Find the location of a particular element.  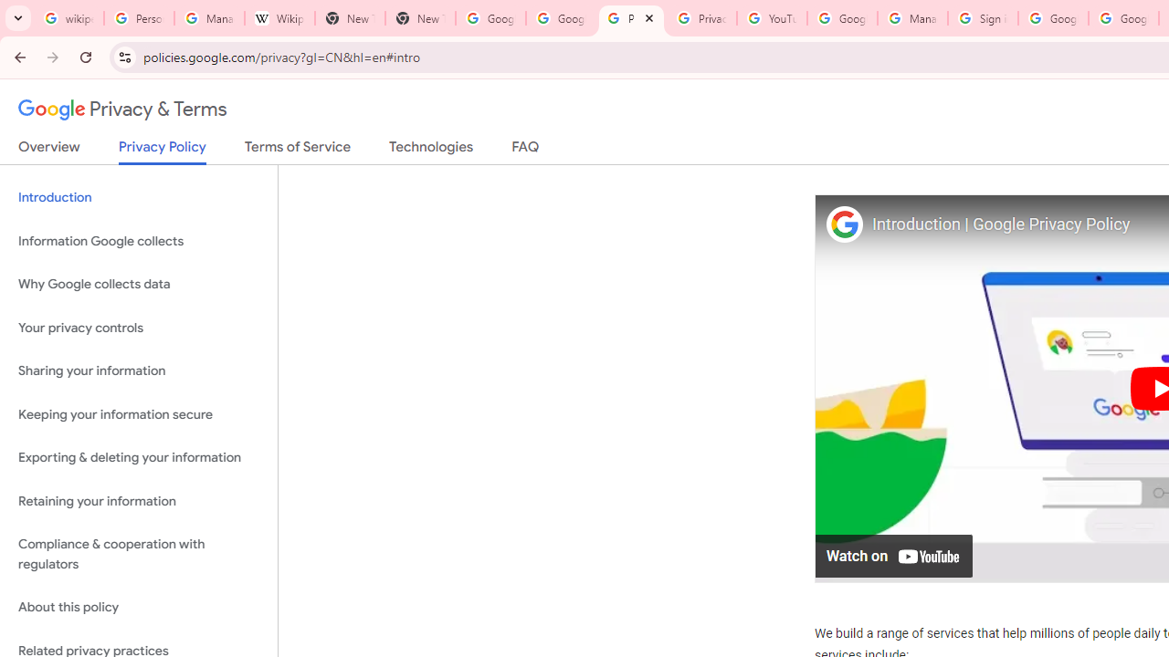

'Manage your Location History - Google Search Help' is located at coordinates (209, 18).